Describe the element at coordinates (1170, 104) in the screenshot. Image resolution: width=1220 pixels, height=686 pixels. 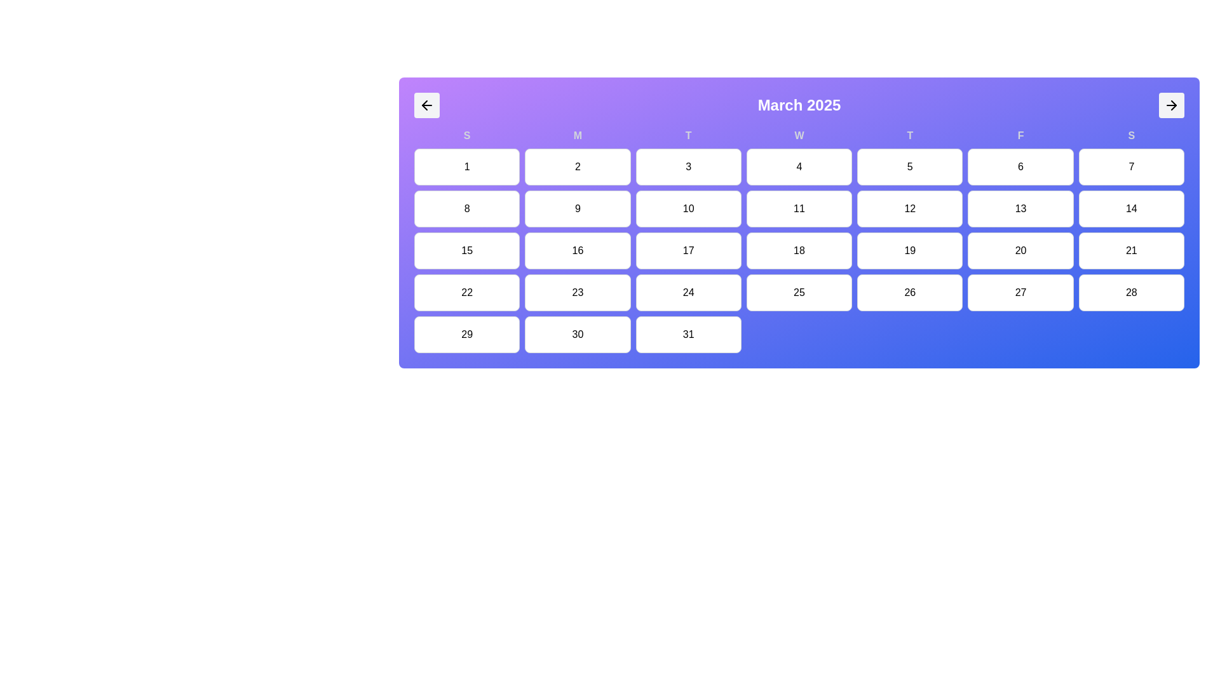
I see `the right-facing arrow button located at the extreme right of the 'March 2025' navigation bar` at that location.